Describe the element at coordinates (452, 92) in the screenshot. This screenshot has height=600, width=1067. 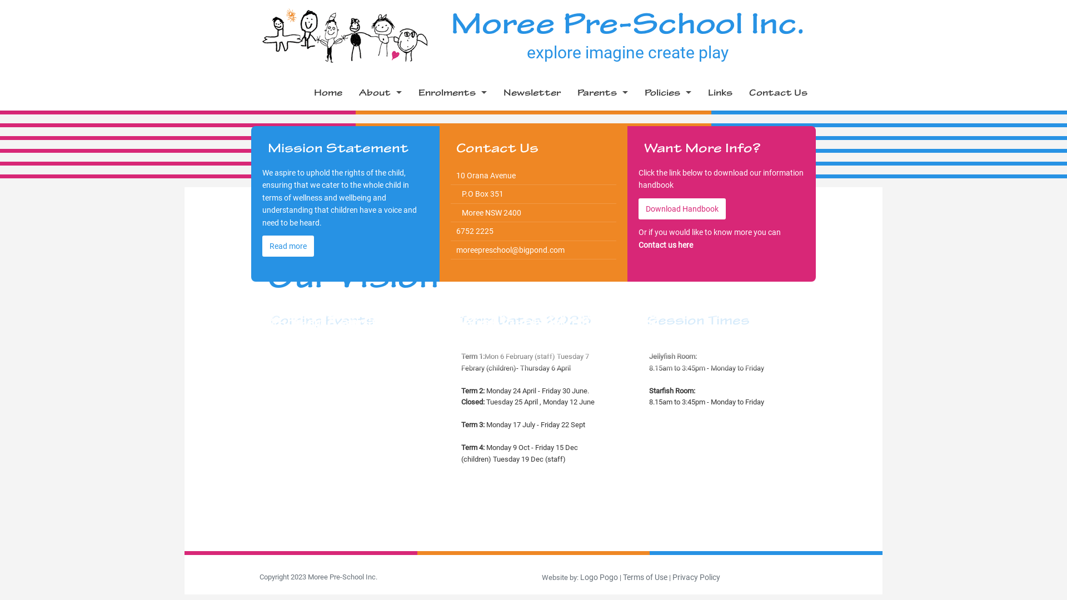
I see `'Enrolments'` at that location.